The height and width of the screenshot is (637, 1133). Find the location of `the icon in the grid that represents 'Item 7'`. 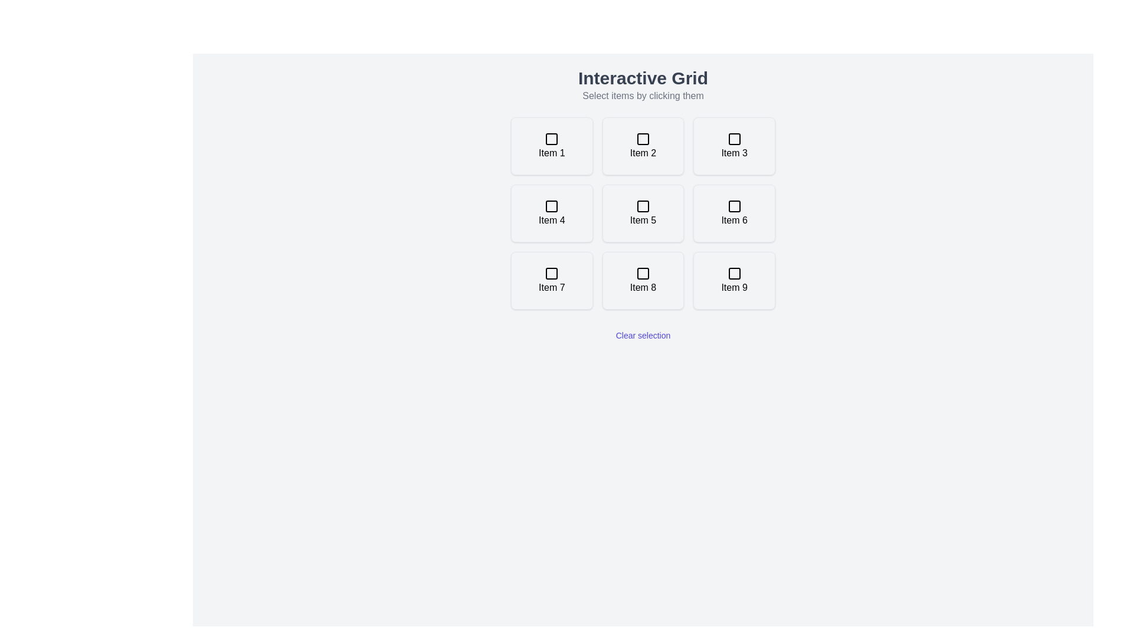

the icon in the grid that represents 'Item 7' is located at coordinates (551, 273).